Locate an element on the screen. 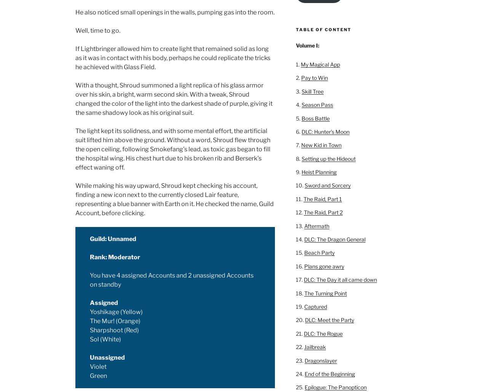 The height and width of the screenshot is (392, 495). 'Unassigned' is located at coordinates (107, 357).